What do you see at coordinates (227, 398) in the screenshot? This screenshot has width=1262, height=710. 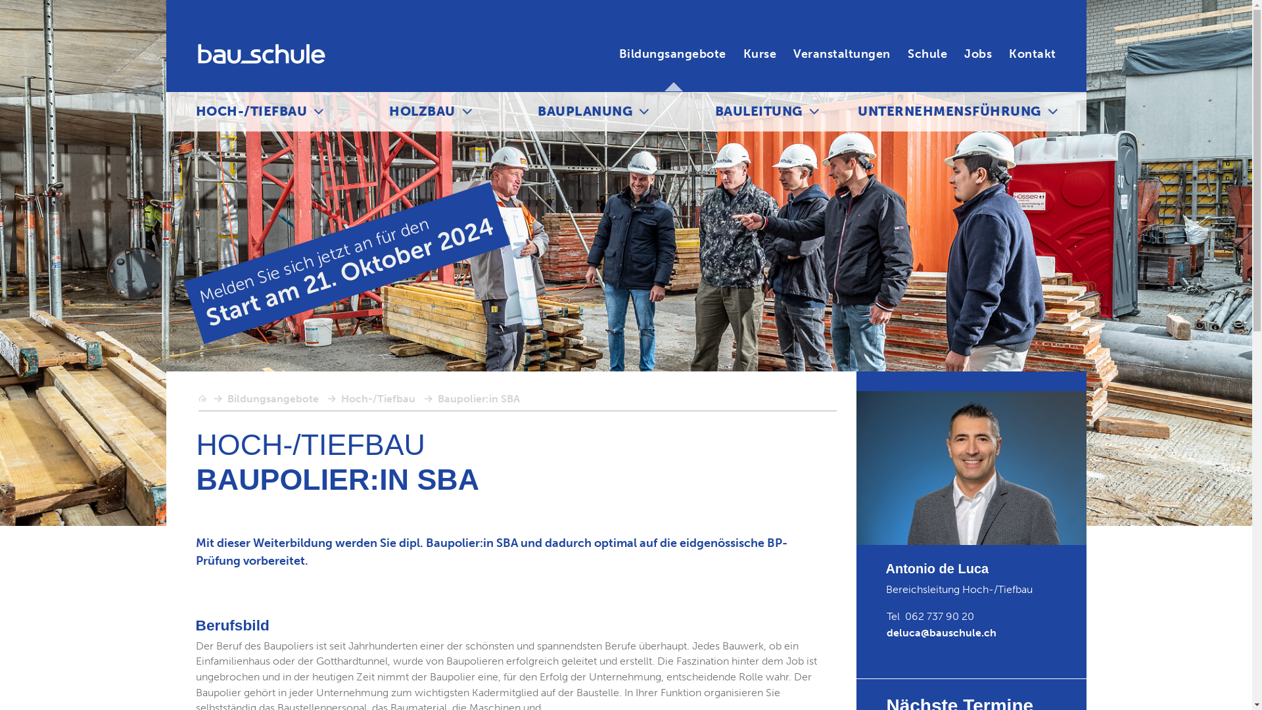 I see `'Bildungsangebote'` at bounding box center [227, 398].